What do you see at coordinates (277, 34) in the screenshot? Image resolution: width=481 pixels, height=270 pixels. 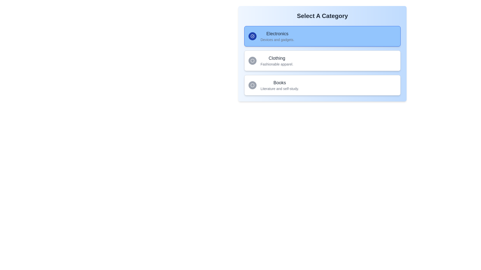 I see `the bold 'Electronics' text label, which is the header of the first category item in the 'Select A Category' selection card` at bounding box center [277, 34].